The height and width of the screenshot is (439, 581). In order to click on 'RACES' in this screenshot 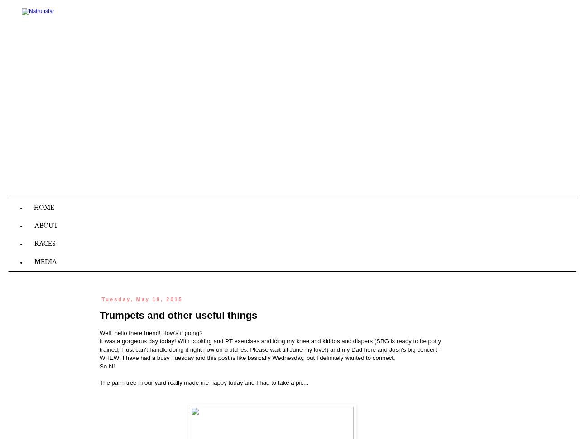, I will do `click(45, 243)`.